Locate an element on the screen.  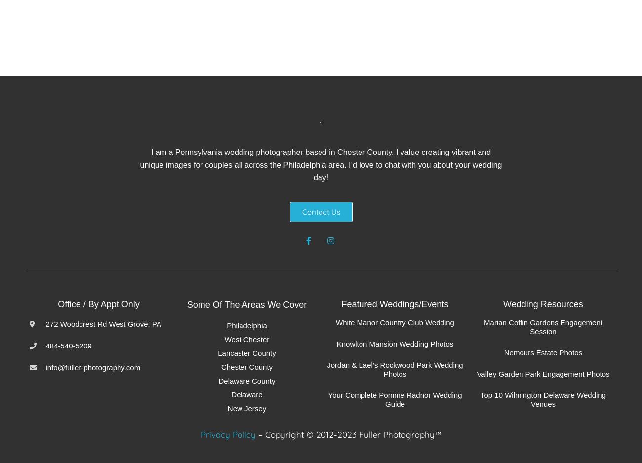
'Marian Coffin Gardens Engagement Session' is located at coordinates (542, 326).